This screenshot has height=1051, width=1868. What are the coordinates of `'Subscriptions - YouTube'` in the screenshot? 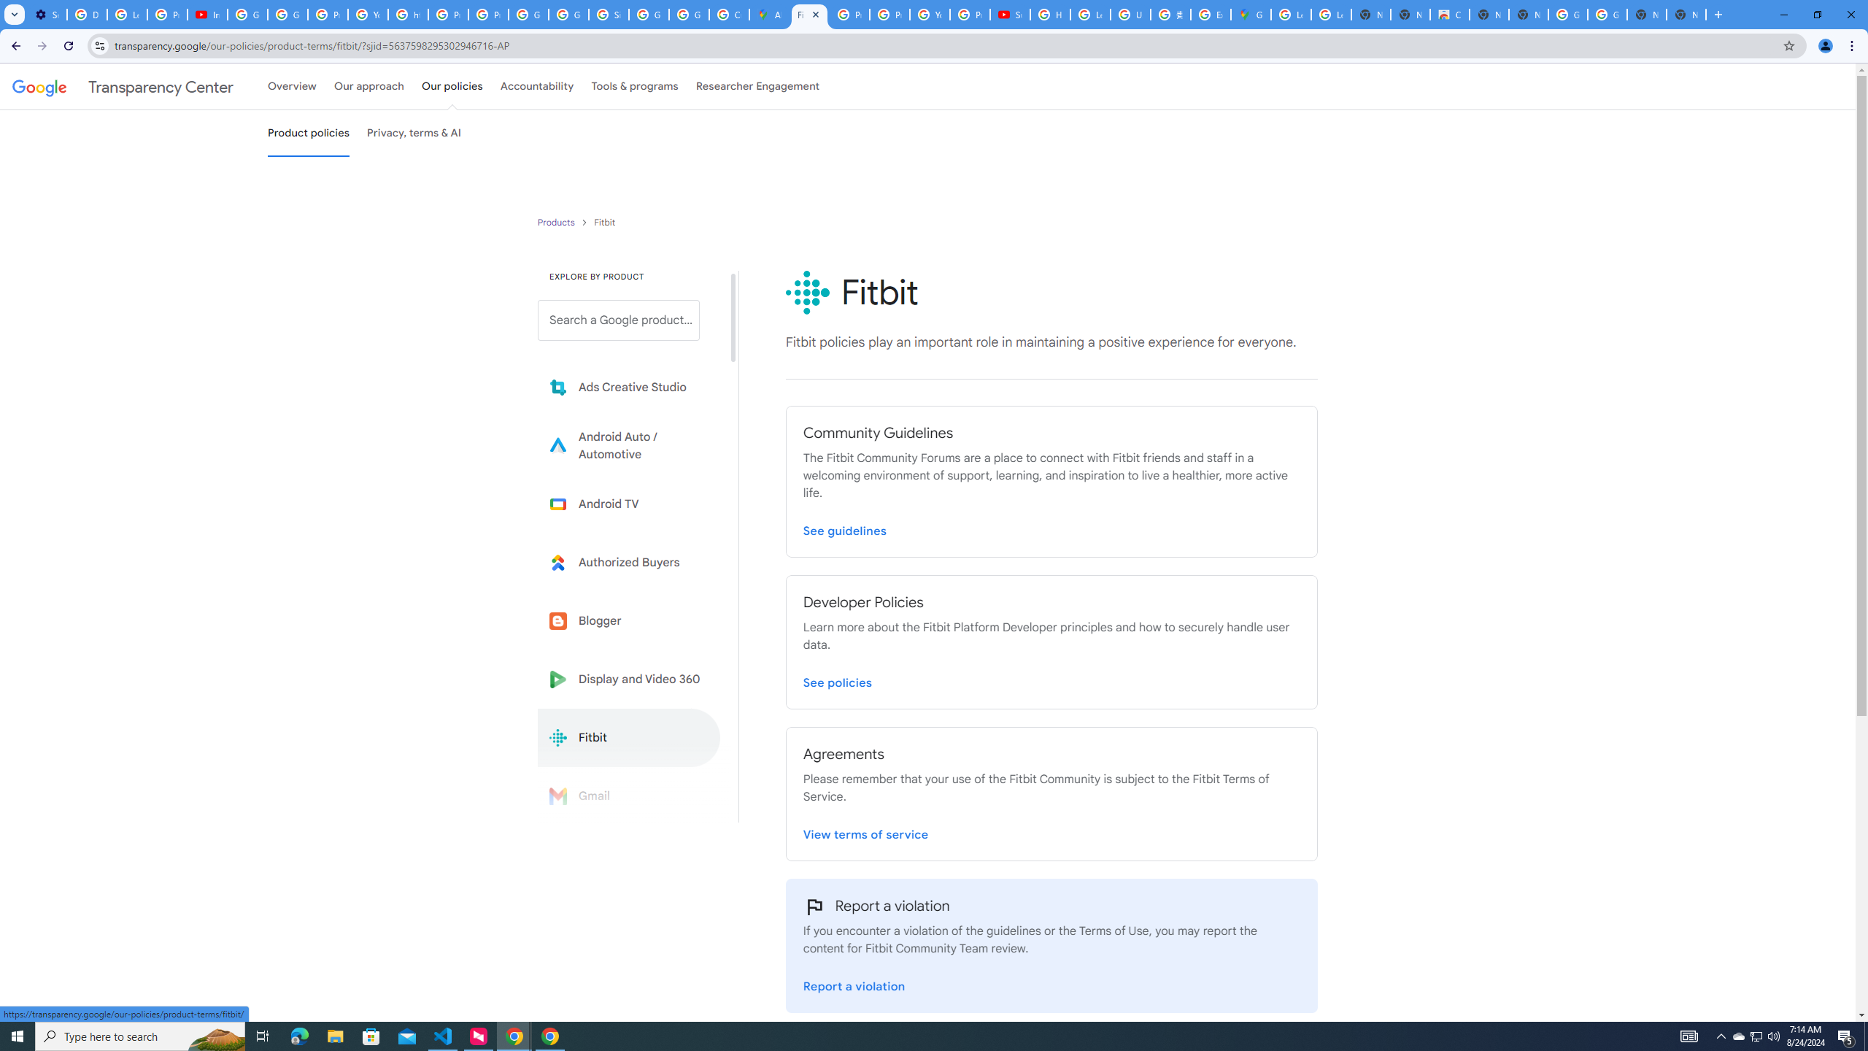 It's located at (1009, 14).